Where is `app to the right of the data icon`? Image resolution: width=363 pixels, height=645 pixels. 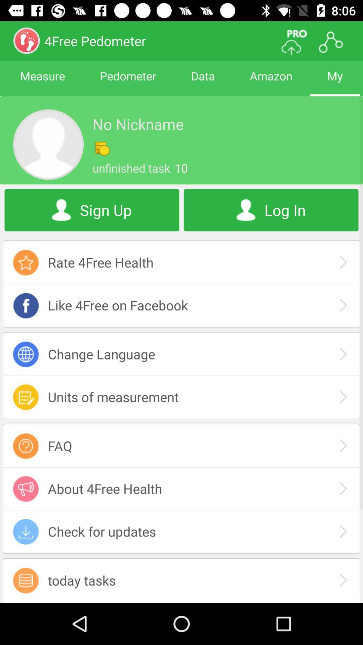 app to the right of the data icon is located at coordinates (271, 82).